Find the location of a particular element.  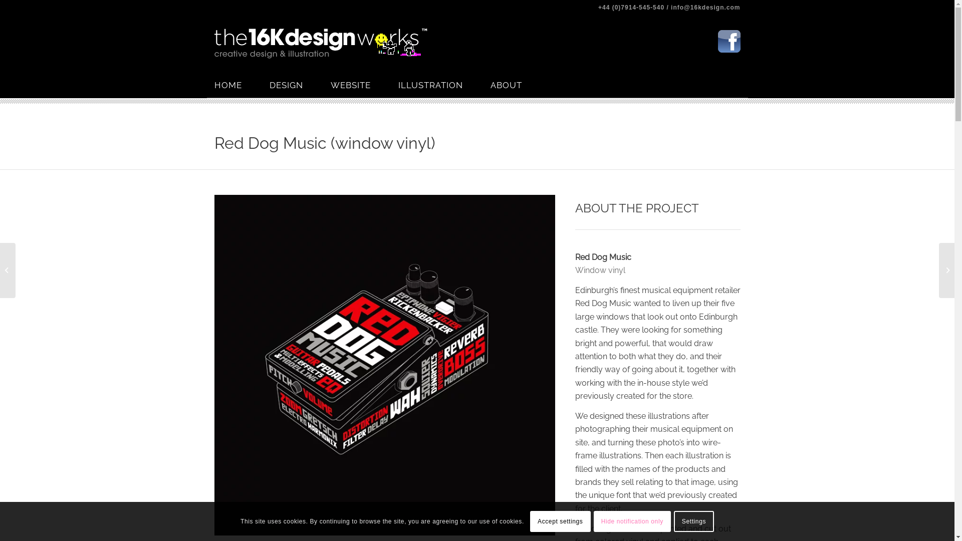

'16Klogo2' is located at coordinates (321, 43).